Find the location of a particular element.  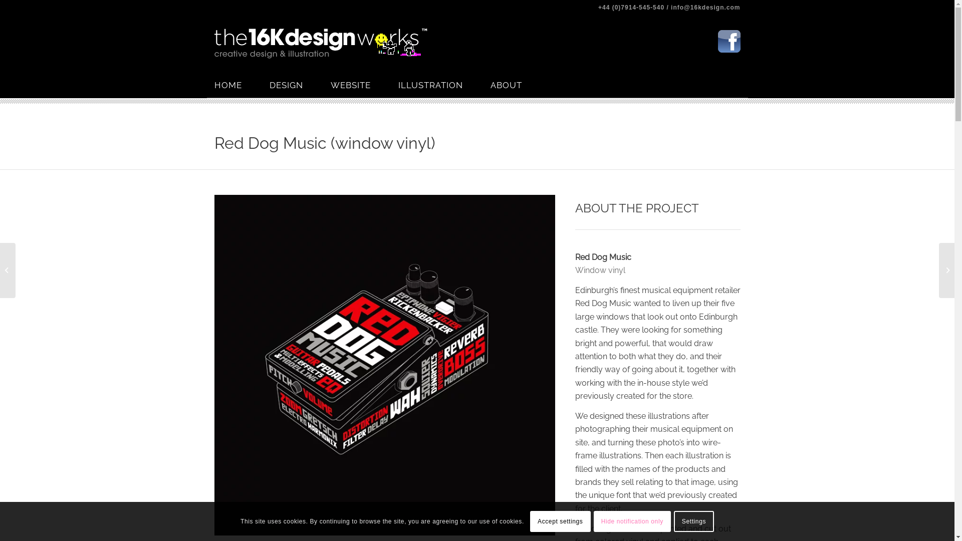

'16Klogo2' is located at coordinates (321, 43).